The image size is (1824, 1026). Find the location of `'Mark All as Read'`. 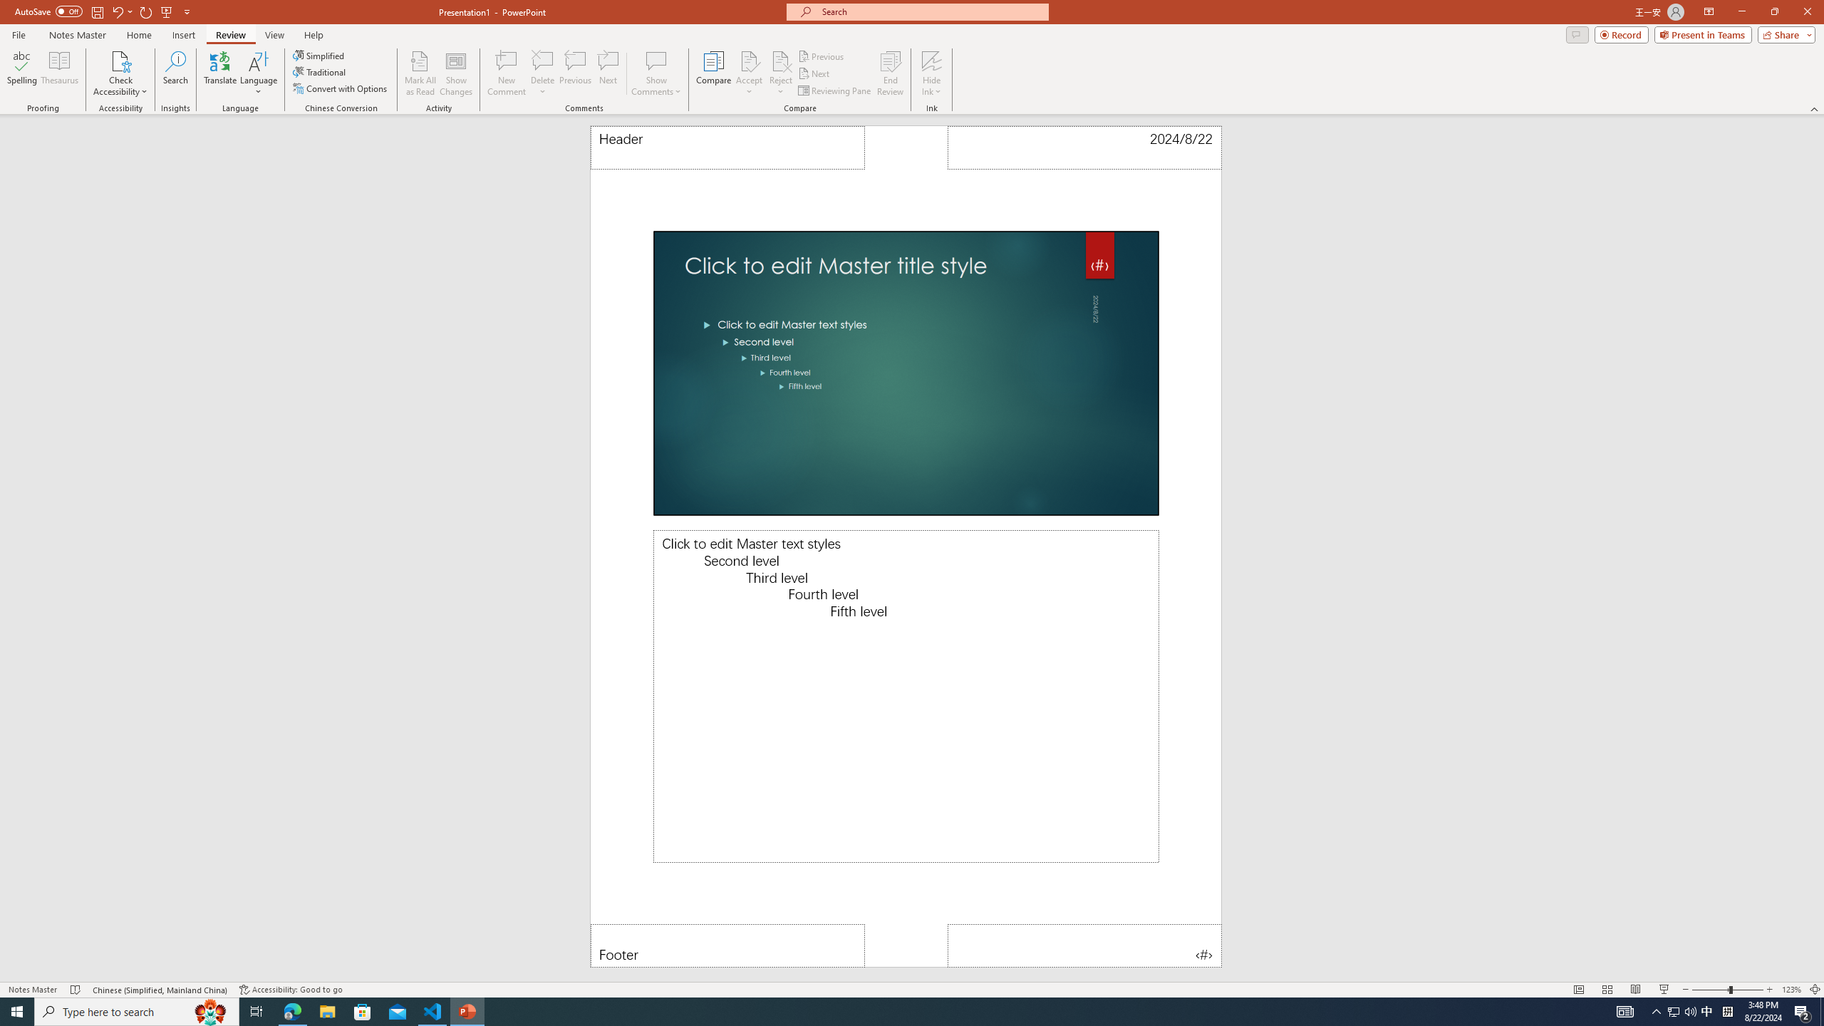

'Mark All as Read' is located at coordinates (420, 73).